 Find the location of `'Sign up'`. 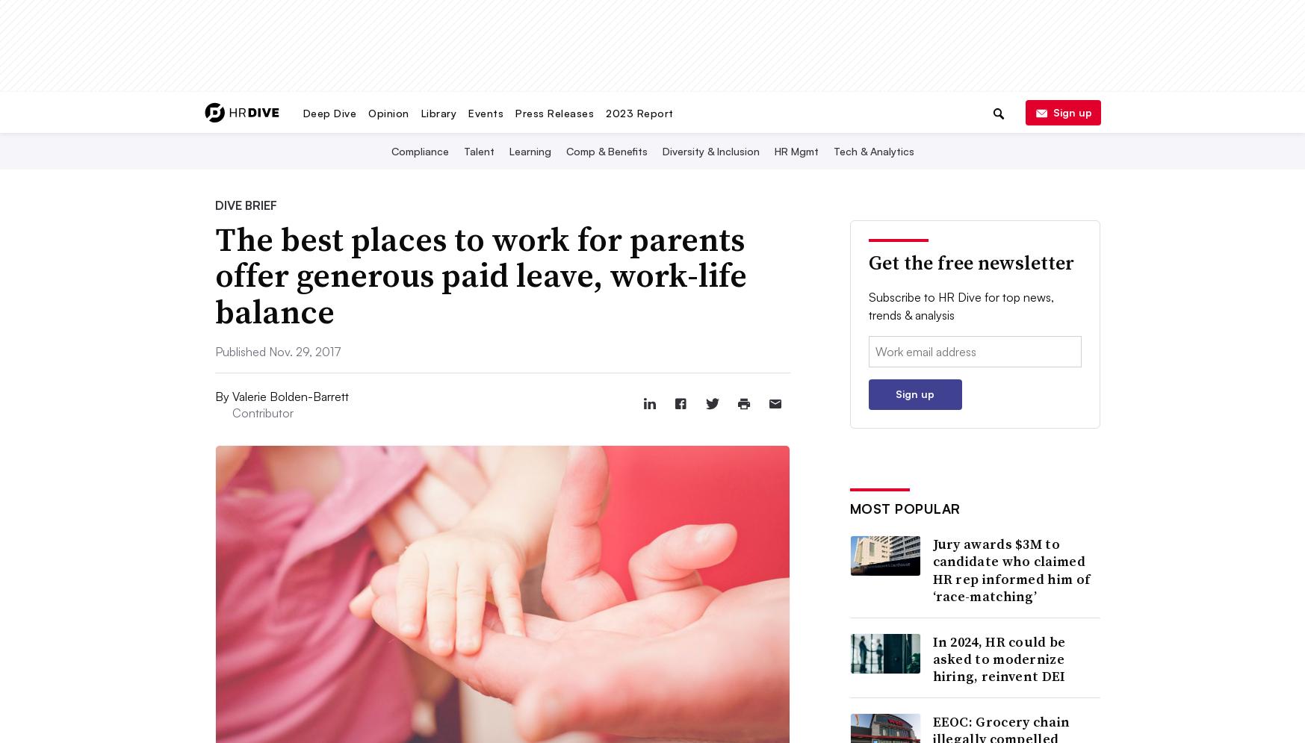

'Sign up' is located at coordinates (1070, 111).